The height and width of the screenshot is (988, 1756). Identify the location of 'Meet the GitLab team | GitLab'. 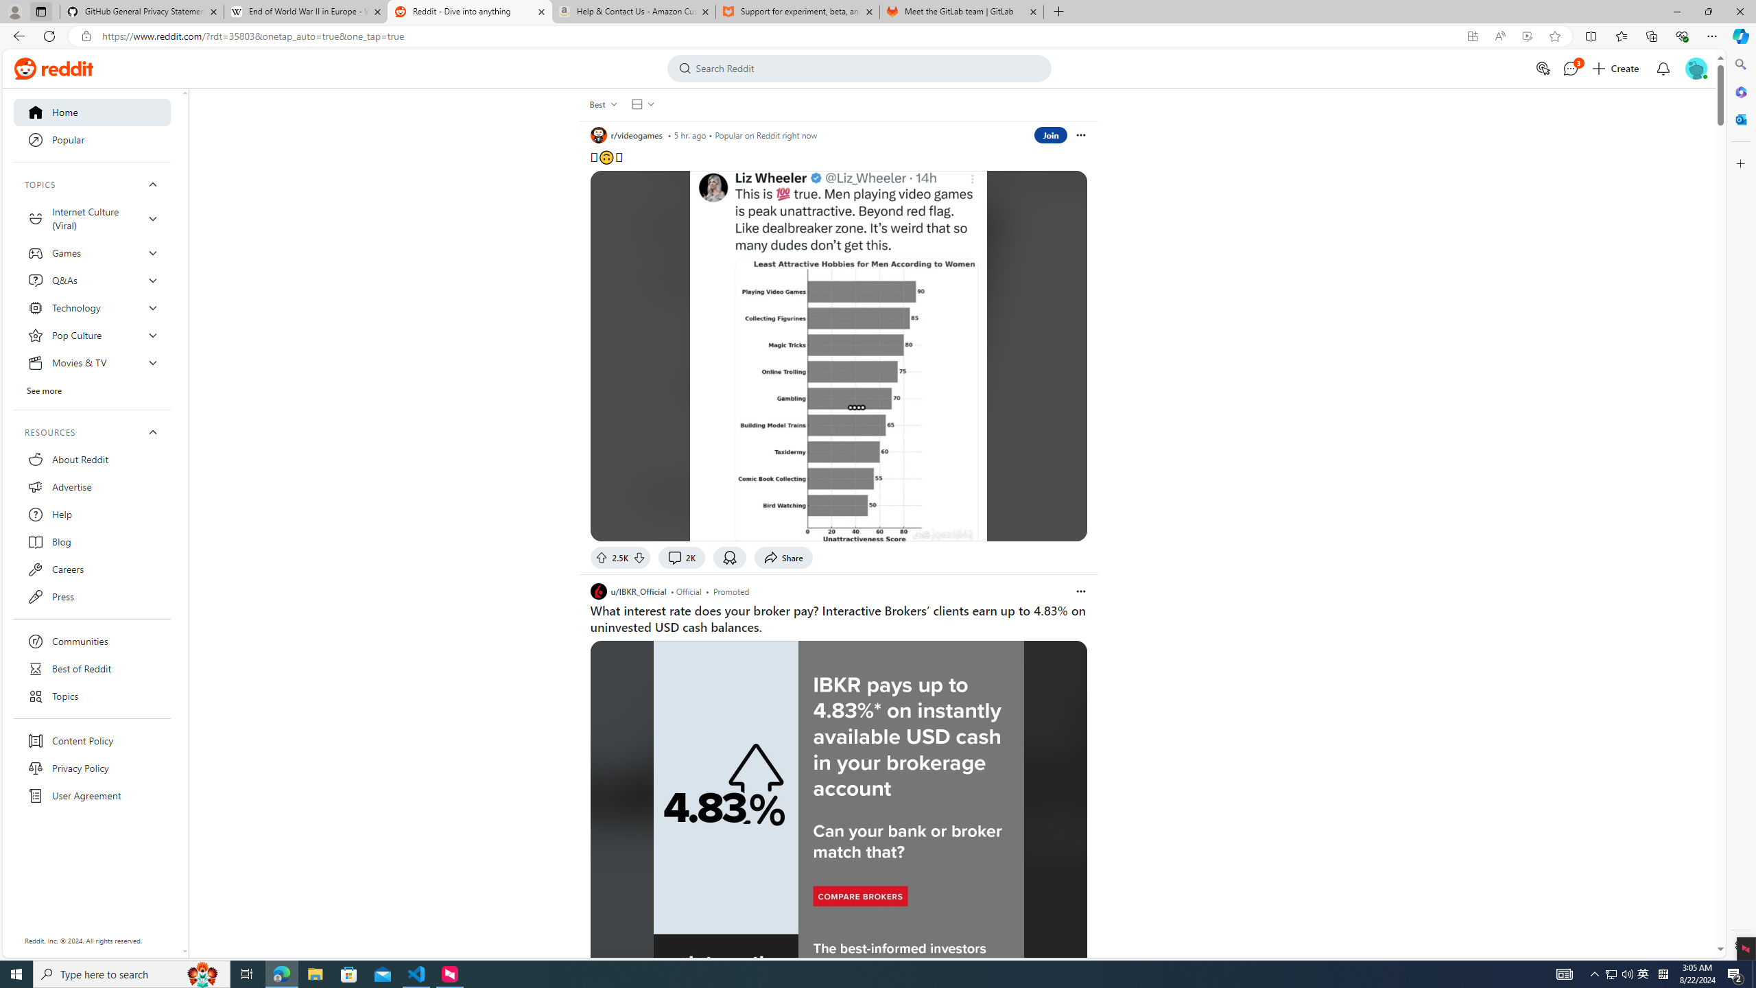
(962, 11).